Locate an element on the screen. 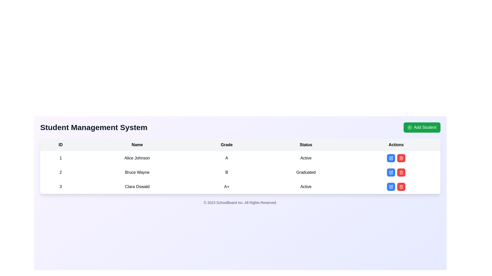  the rectangular section of the trash icon representing the delete action for the row associated with 'Bruce Wayne', located in the 'Actions' column on the right side of the row next to the blue edit icon is located at coordinates (401, 187).